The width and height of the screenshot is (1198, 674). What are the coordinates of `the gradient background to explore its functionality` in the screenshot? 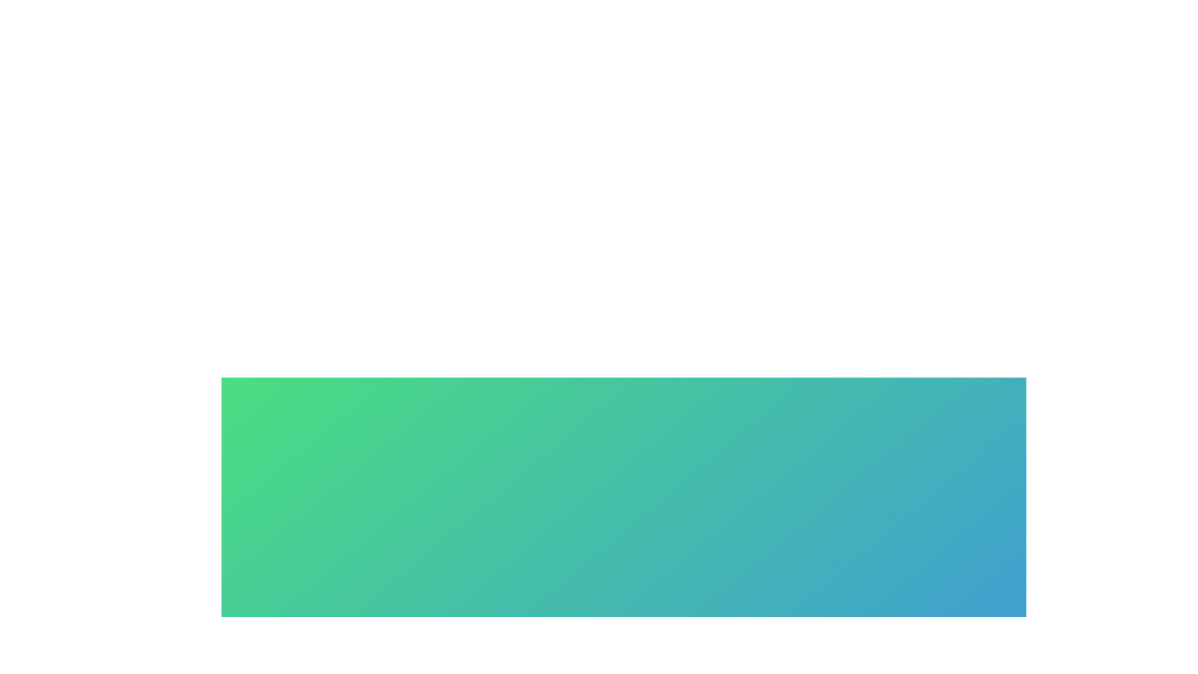 It's located at (623, 489).